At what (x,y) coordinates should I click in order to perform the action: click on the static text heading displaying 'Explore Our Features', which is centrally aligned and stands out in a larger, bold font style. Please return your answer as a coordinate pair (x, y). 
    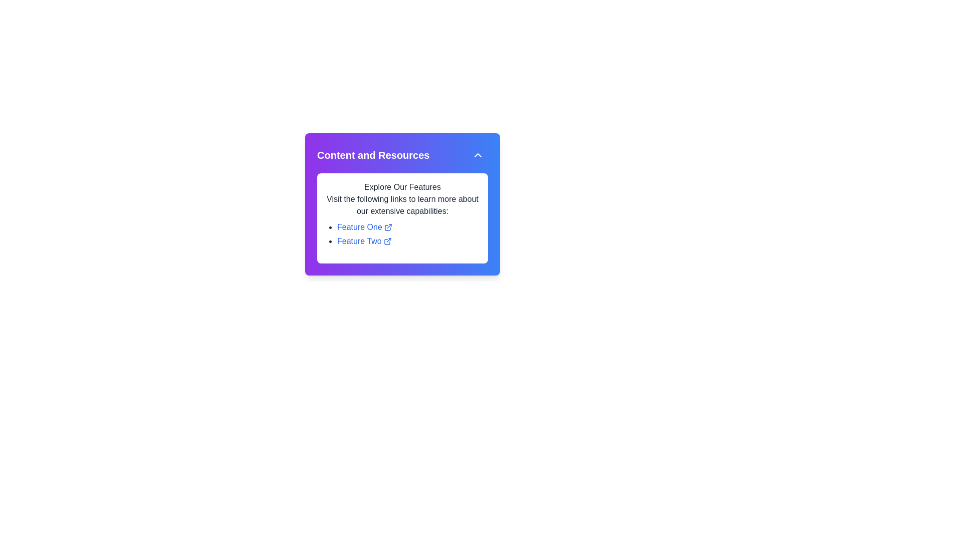
    Looking at the image, I should click on (402, 187).